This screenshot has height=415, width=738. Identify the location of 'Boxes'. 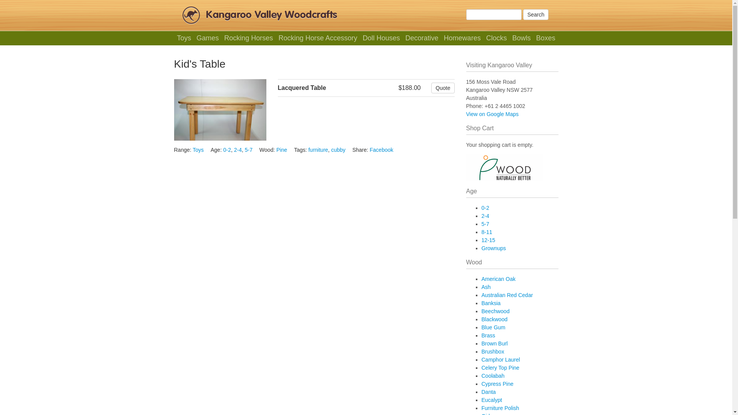
(534, 38).